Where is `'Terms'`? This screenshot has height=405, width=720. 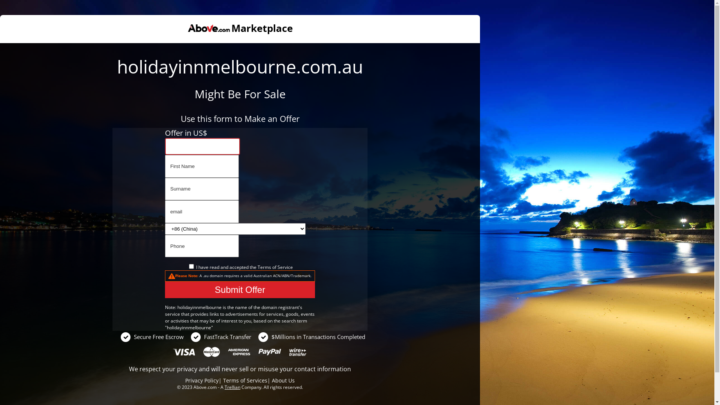 'Terms' is located at coordinates (264, 267).